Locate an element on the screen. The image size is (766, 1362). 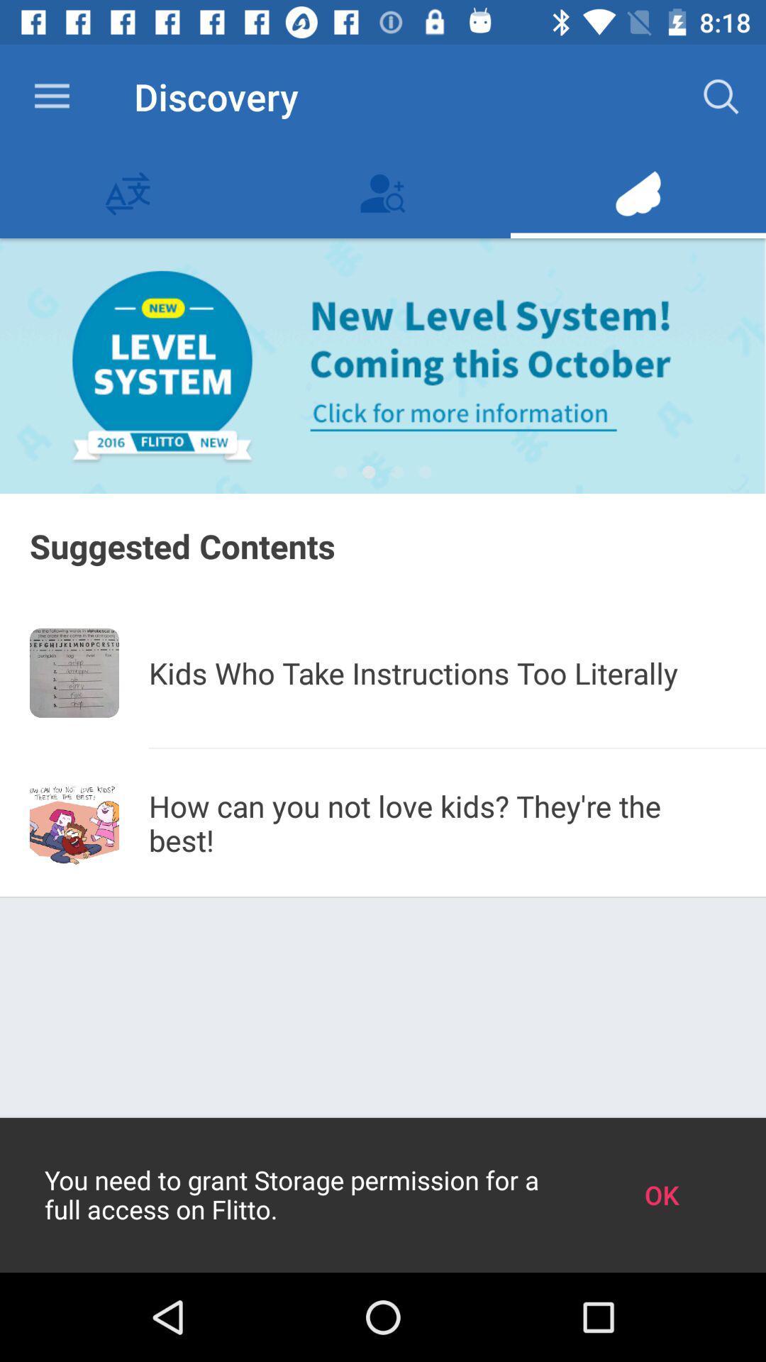
item below the suggested contents icon is located at coordinates (74, 672).